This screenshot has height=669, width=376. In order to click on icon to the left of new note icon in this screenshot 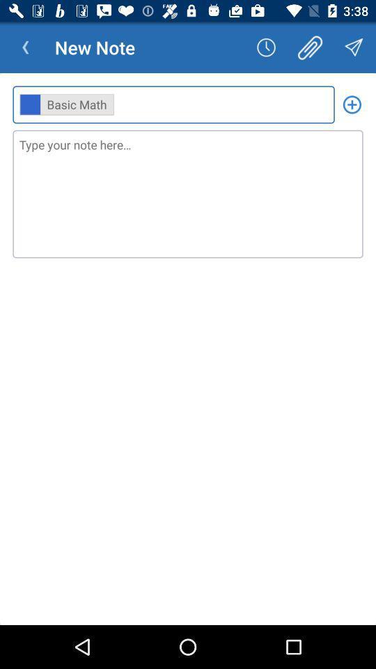, I will do `click(25, 47)`.